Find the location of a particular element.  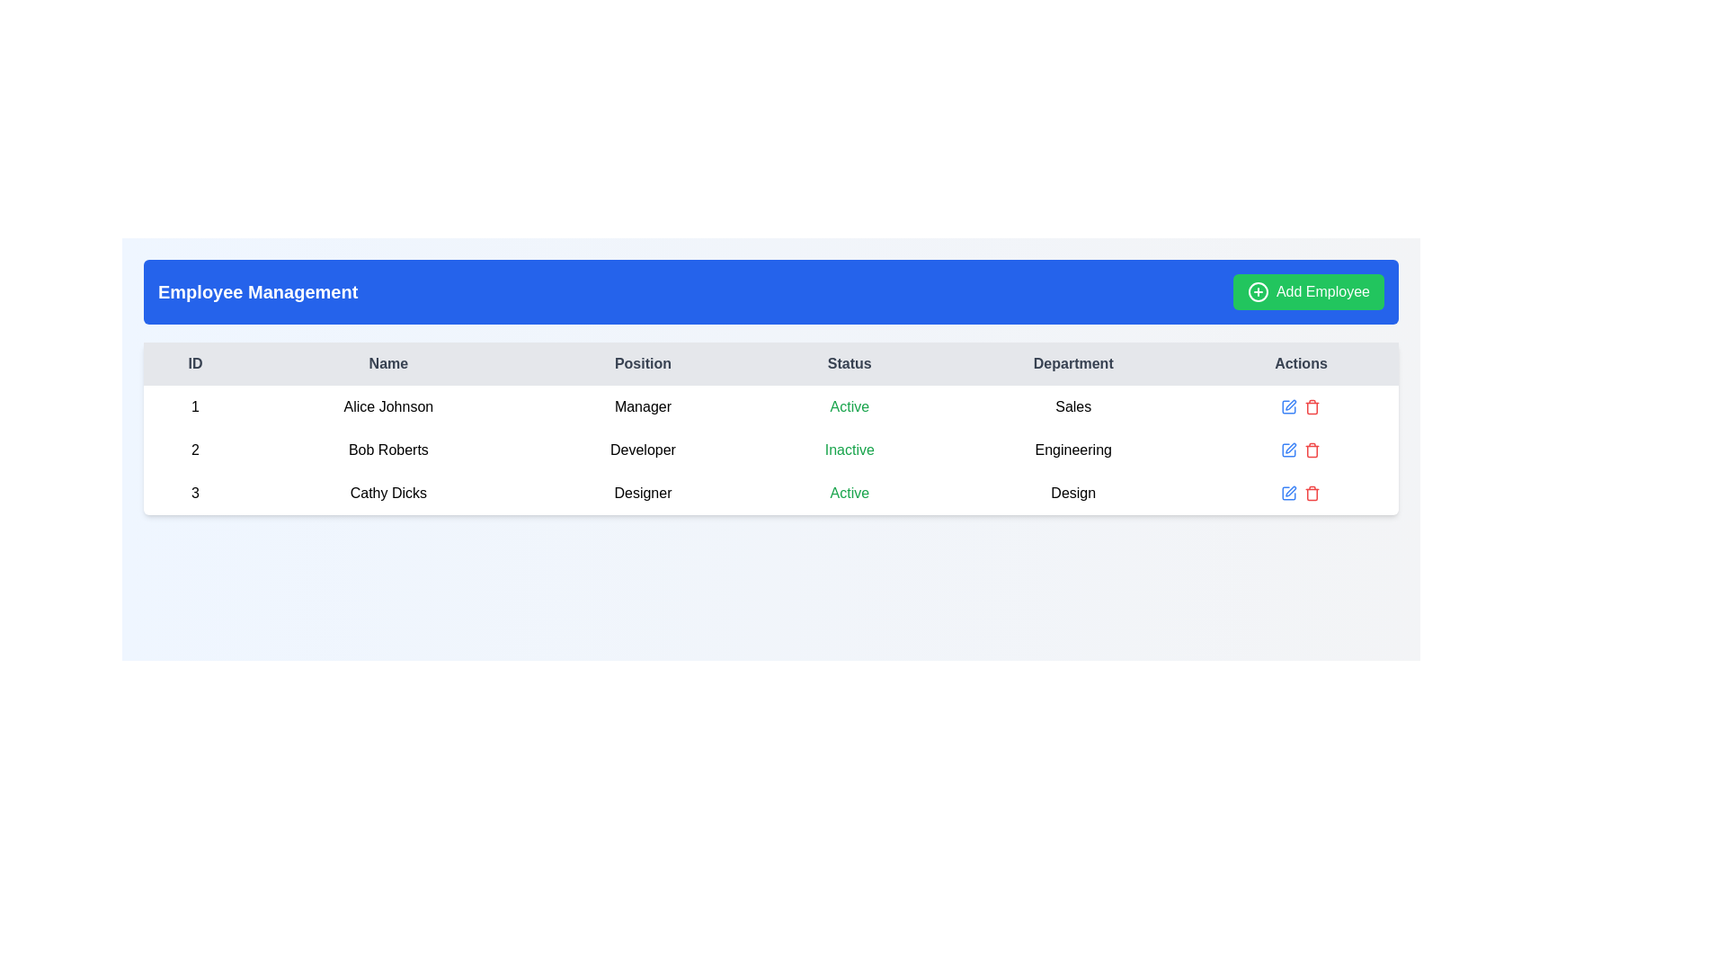

the delete button icon located in the 'Actions' column of the second row in the table is located at coordinates (1312, 450).